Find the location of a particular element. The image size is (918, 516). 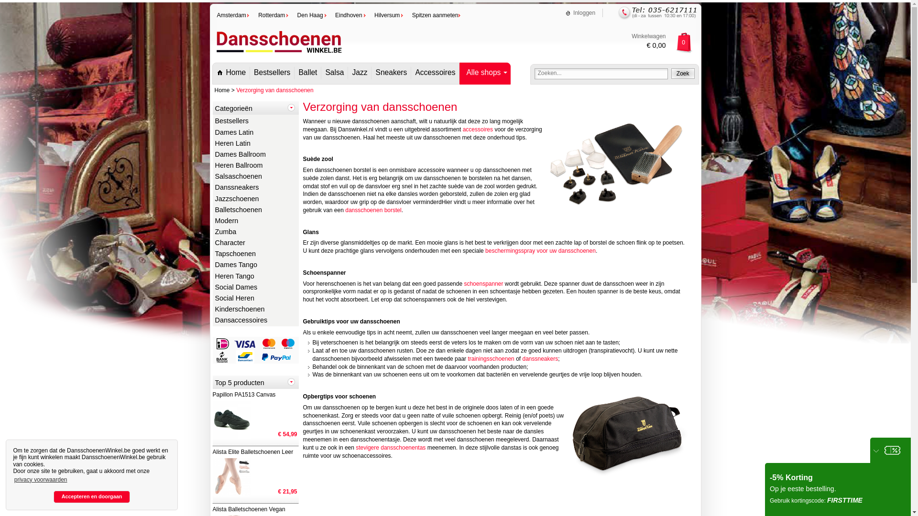

'Amsterdam' is located at coordinates (234, 15).